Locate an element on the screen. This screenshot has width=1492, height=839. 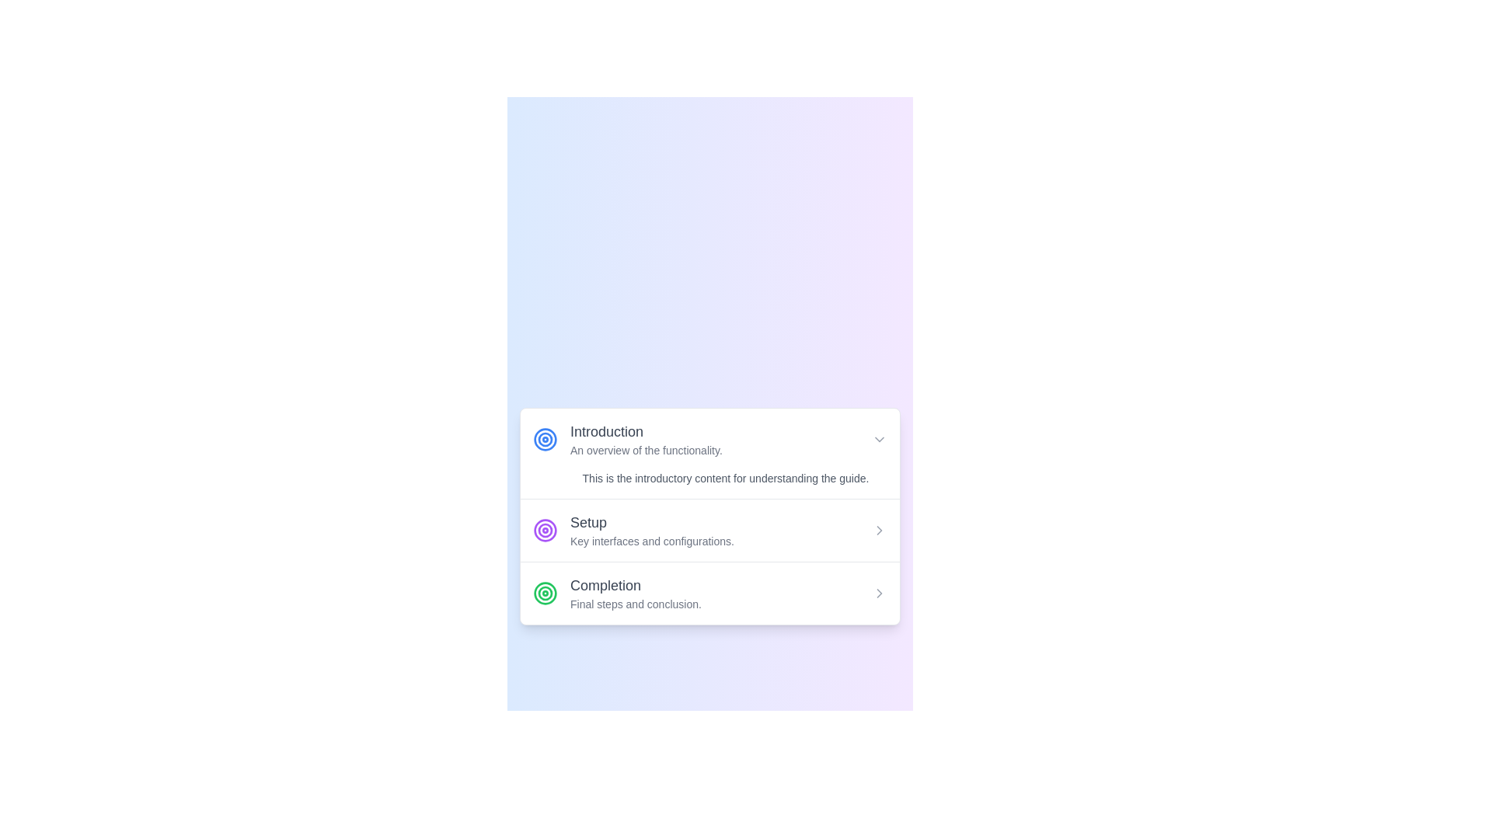
the rightward-facing chevron icon, styled in light gray and located to the far right of the 'Setup' text is located at coordinates (880, 529).